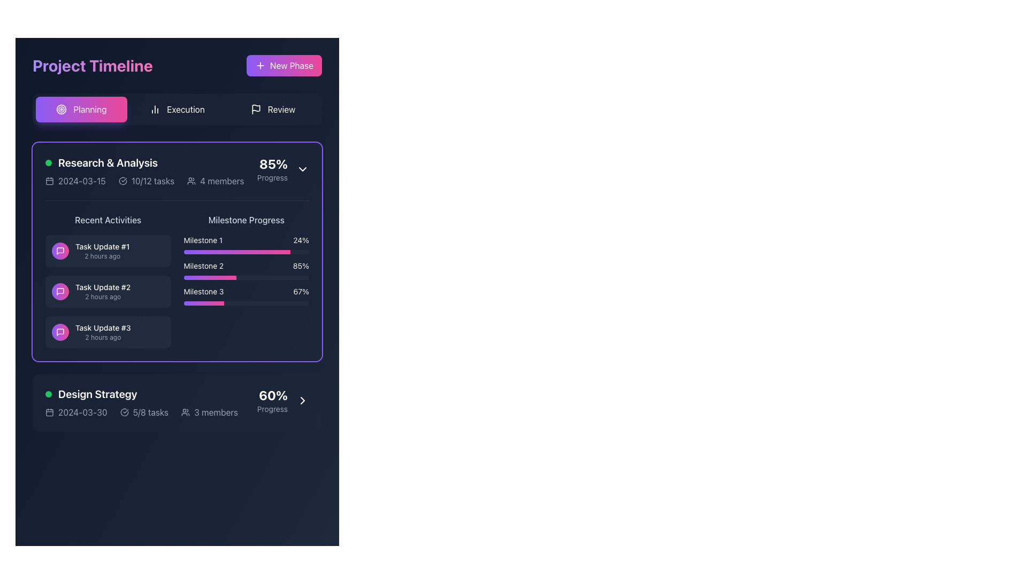 The height and width of the screenshot is (577, 1027). Describe the element at coordinates (103, 331) in the screenshot. I see `the Text block displaying 'Task Update #3' and '2 hours ago' in the Recent Activities section` at that location.